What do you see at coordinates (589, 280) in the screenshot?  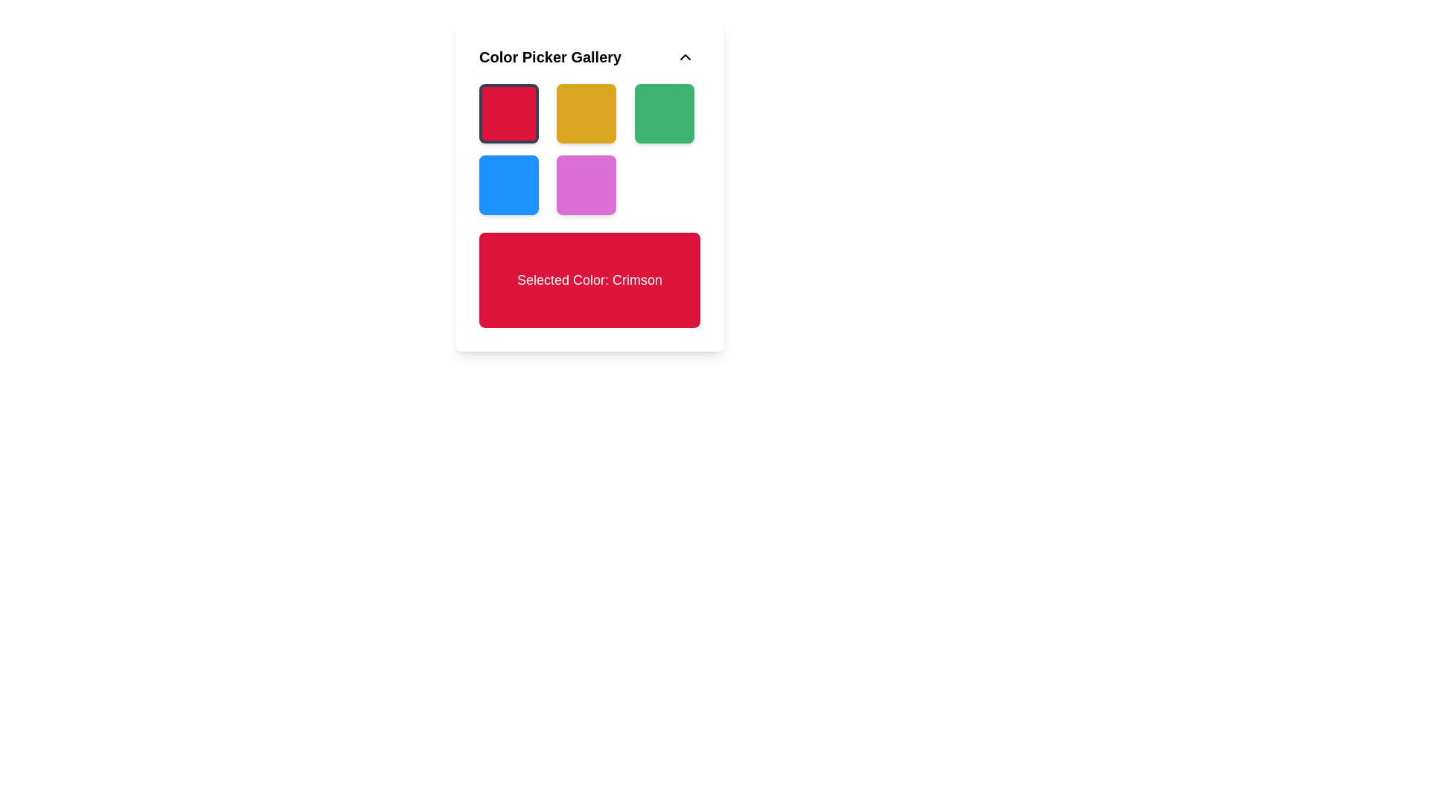 I see `the text label that displays 'Selected Color: Crimson' with a white font on a crimson red background, located below the color picker grid` at bounding box center [589, 280].